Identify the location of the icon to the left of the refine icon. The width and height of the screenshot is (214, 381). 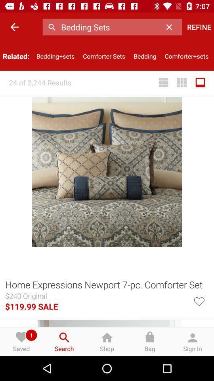
(171, 27).